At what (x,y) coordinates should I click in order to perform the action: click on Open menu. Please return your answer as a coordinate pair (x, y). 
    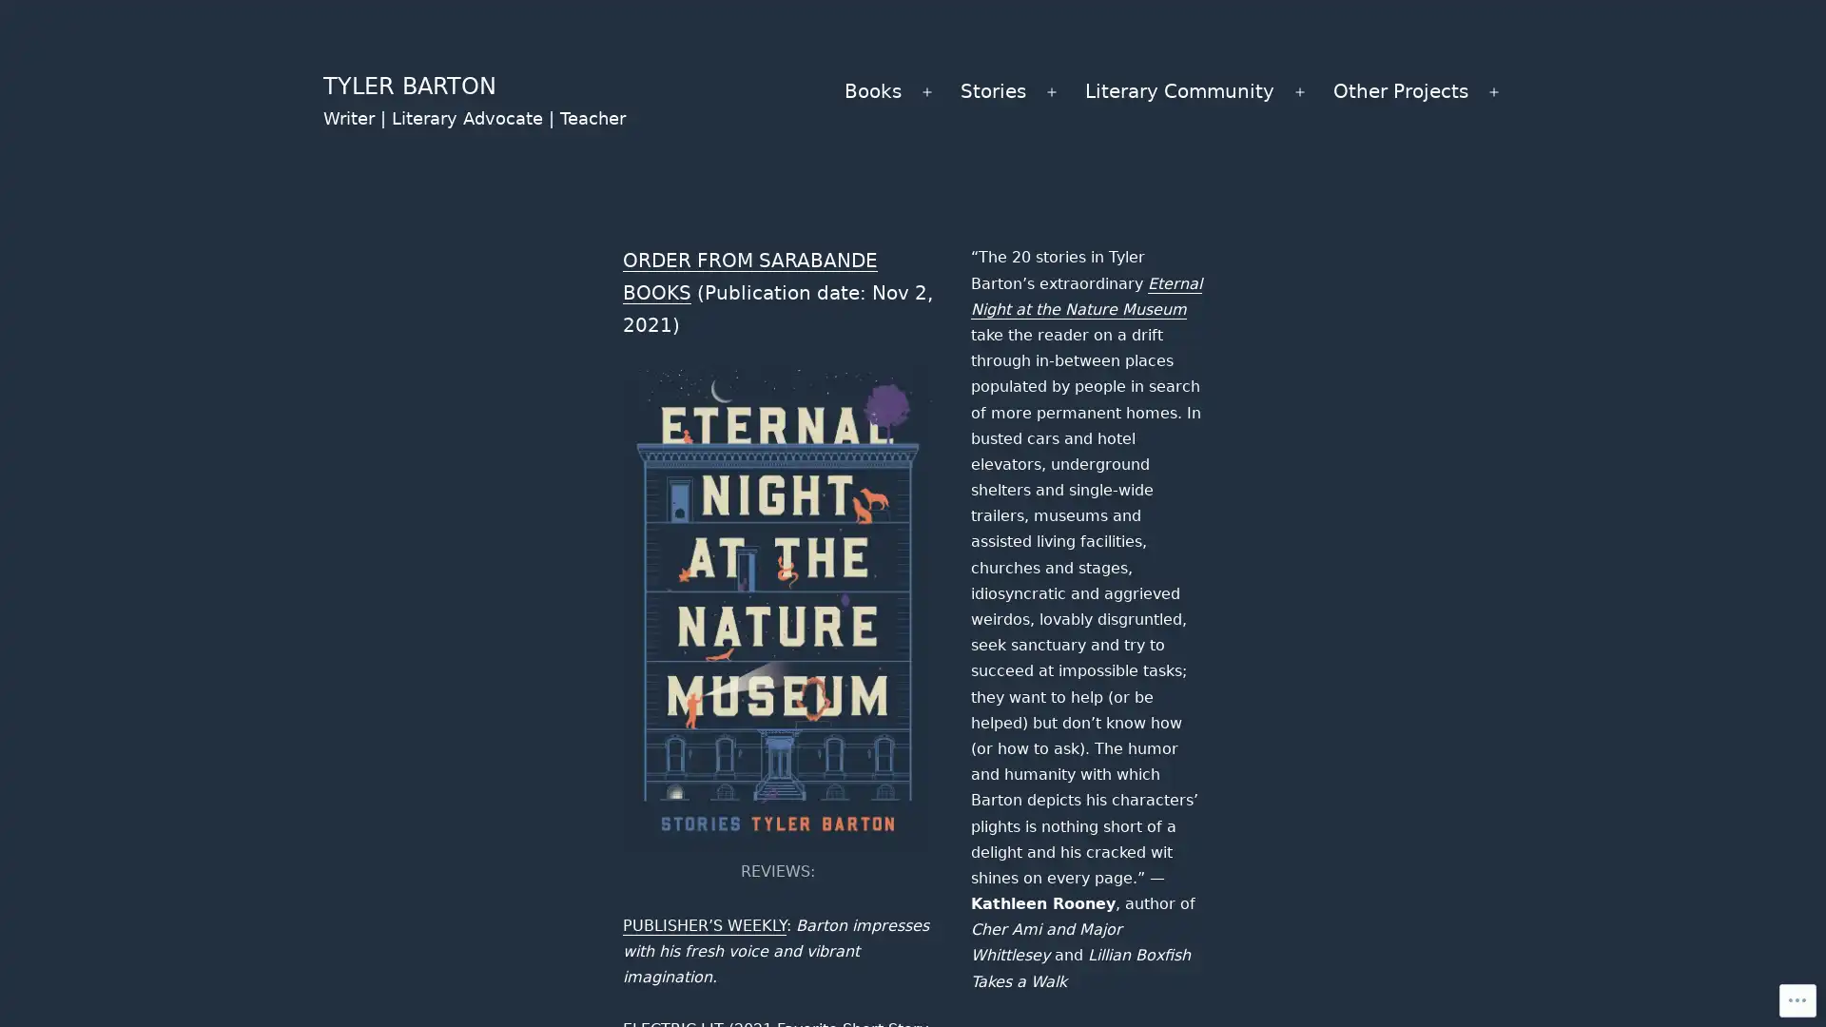
    Looking at the image, I should click on (1492, 91).